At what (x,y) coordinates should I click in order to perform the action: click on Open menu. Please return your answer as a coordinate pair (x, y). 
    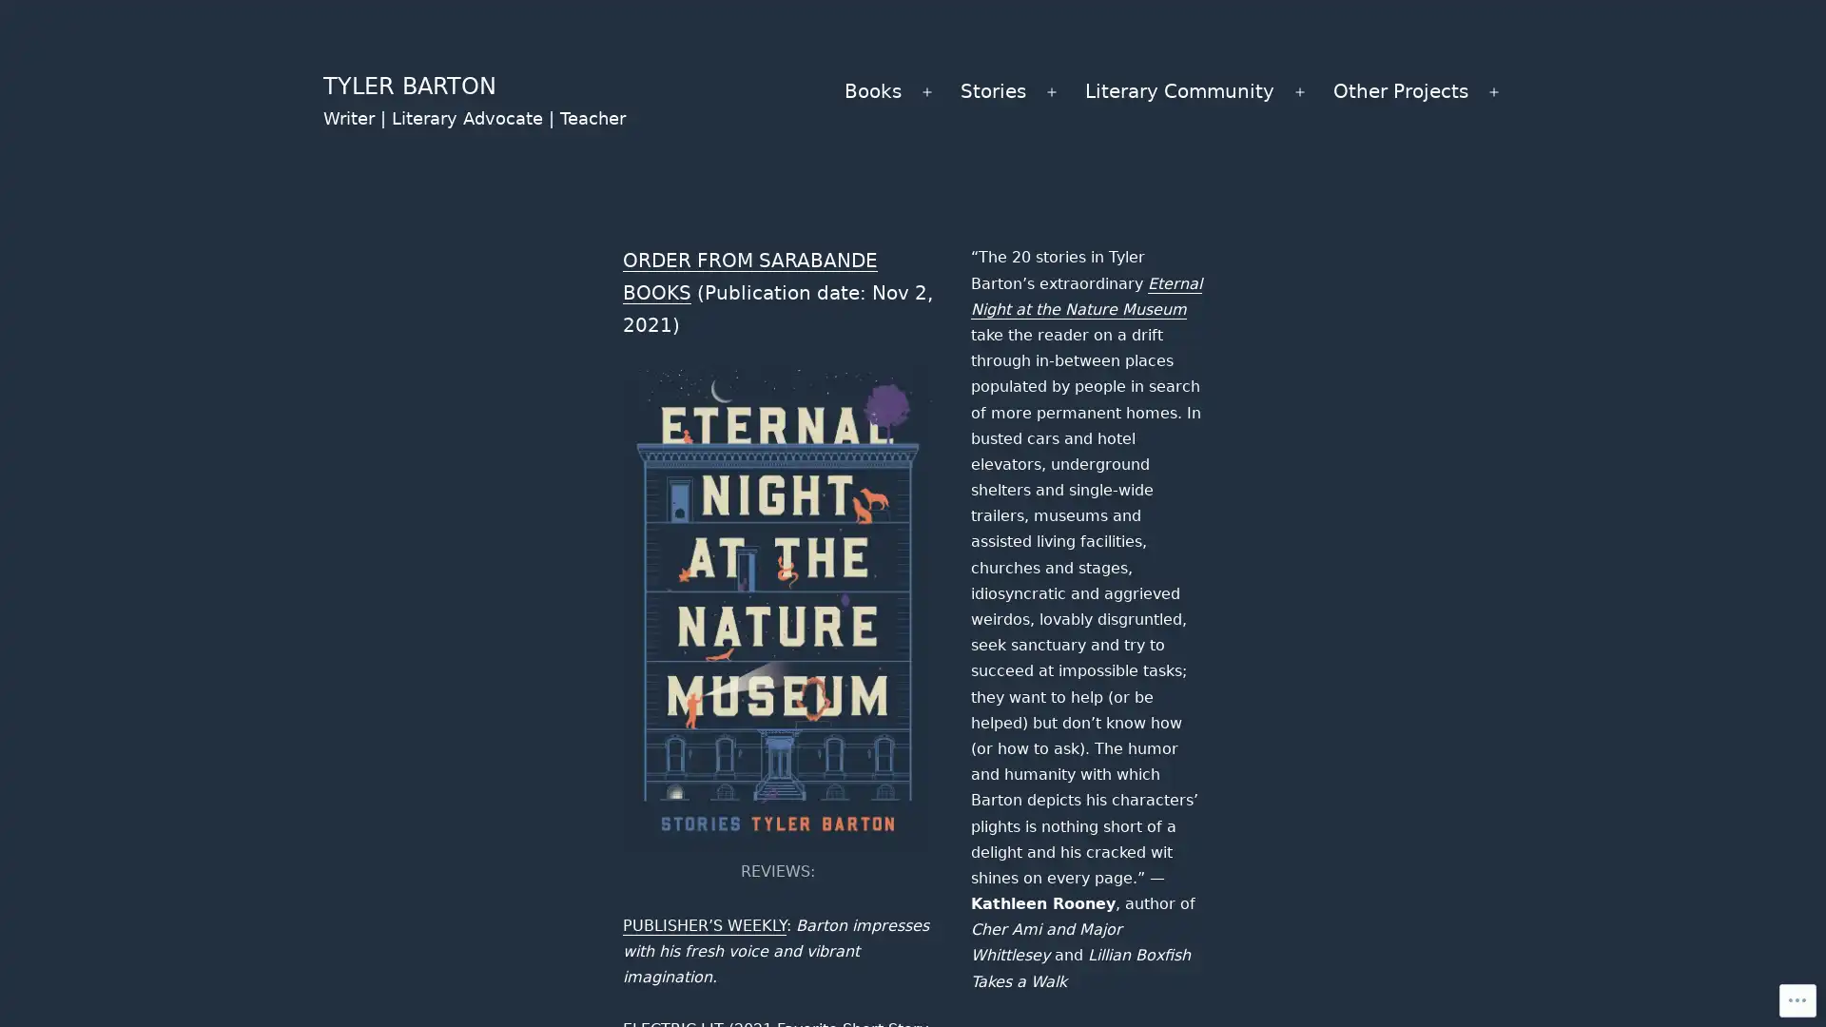
    Looking at the image, I should click on (1492, 91).